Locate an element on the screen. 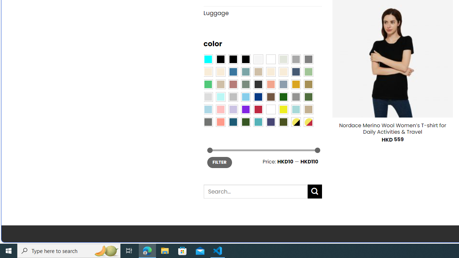 This screenshot has width=459, height=258. 'Mint' is located at coordinates (220, 97).